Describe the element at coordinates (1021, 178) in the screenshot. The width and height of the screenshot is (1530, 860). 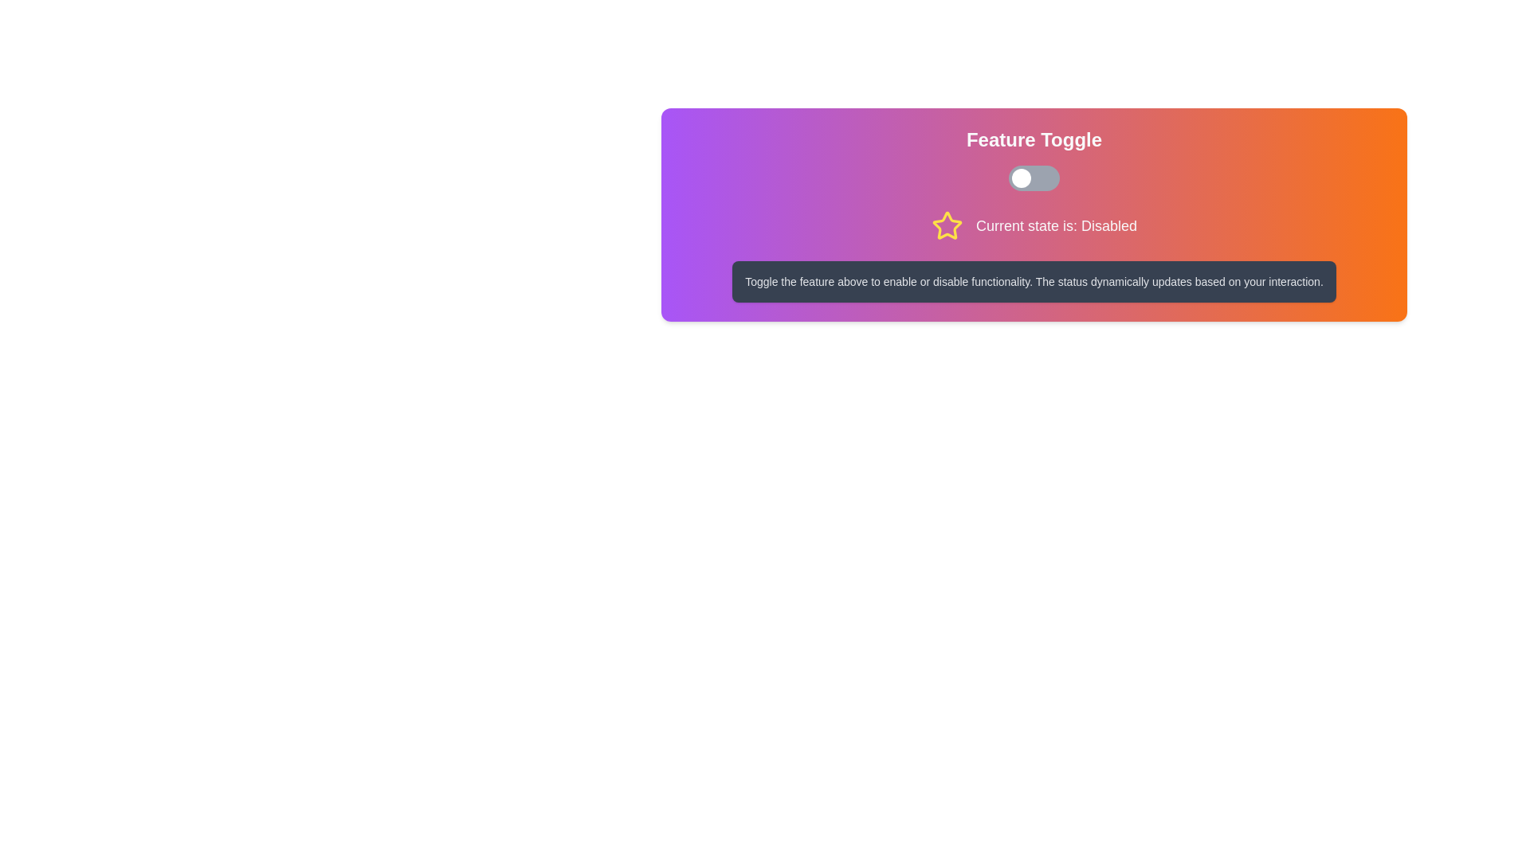
I see `the toggle indicator located on the rightmost side of the horizontal switch under the 'Feature Toggle' label` at that location.